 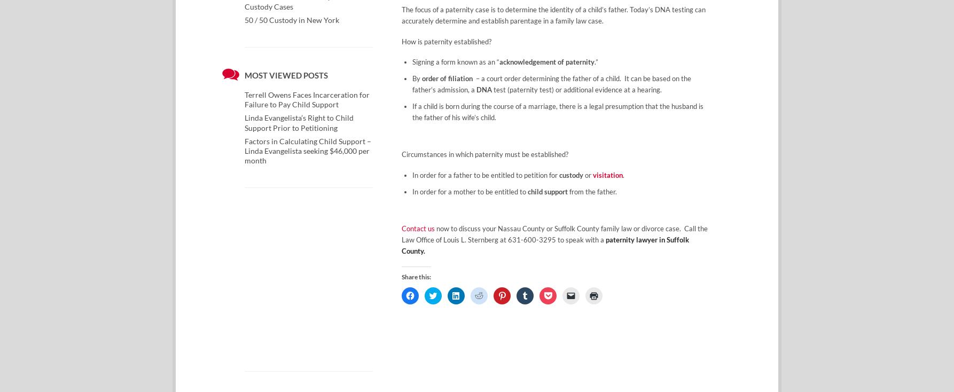 I want to click on 'Contact us', so click(x=417, y=228).